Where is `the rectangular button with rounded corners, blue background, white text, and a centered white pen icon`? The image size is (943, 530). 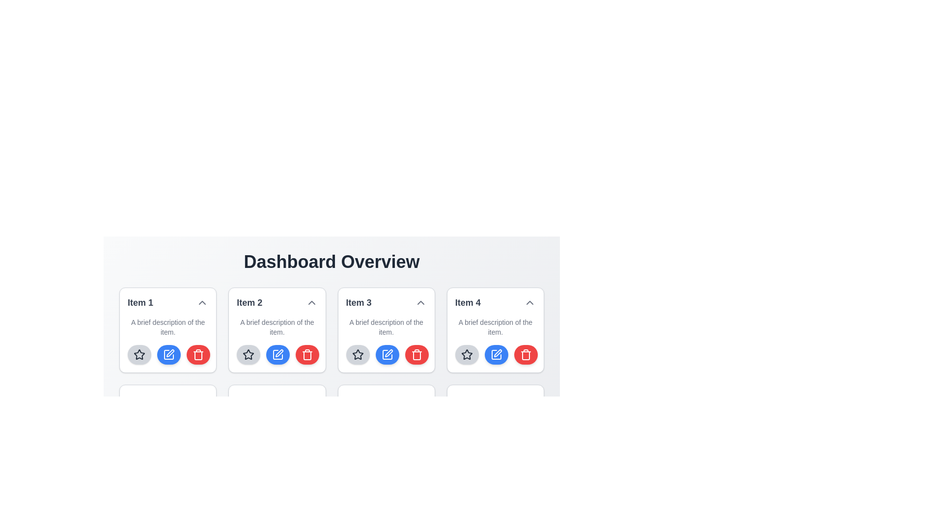 the rectangular button with rounded corners, blue background, white text, and a centered white pen icon is located at coordinates (496, 452).